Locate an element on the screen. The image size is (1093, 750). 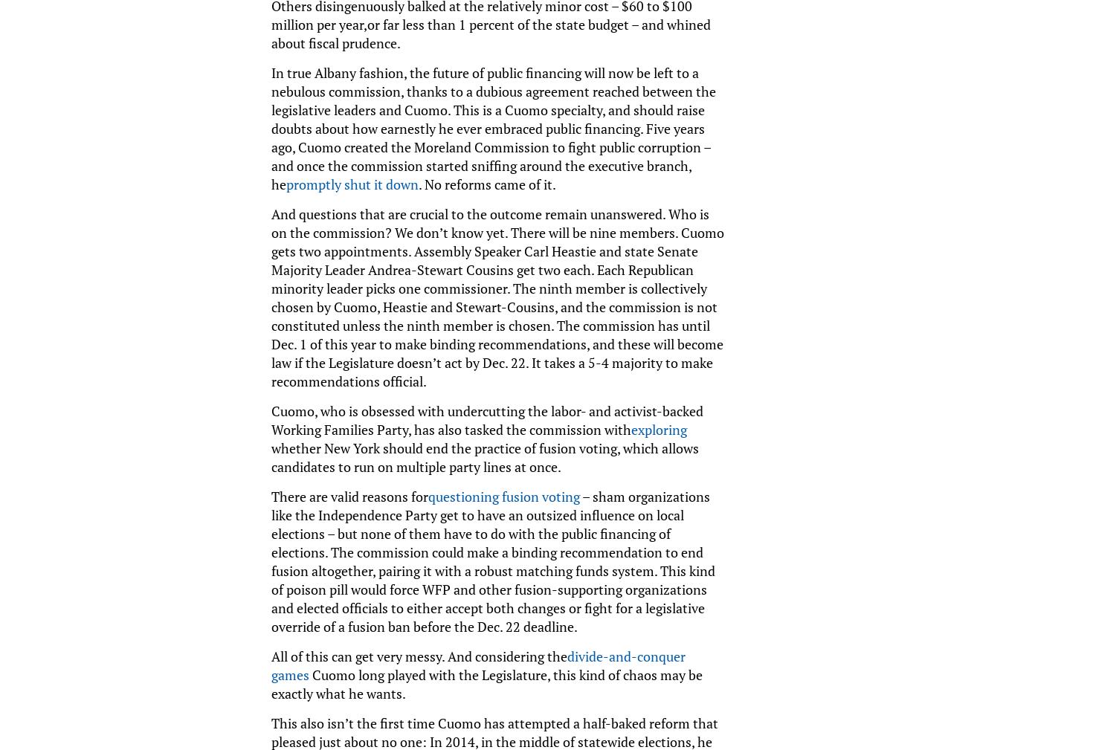
'All of this can get very messy. And considering the' is located at coordinates (419, 655).